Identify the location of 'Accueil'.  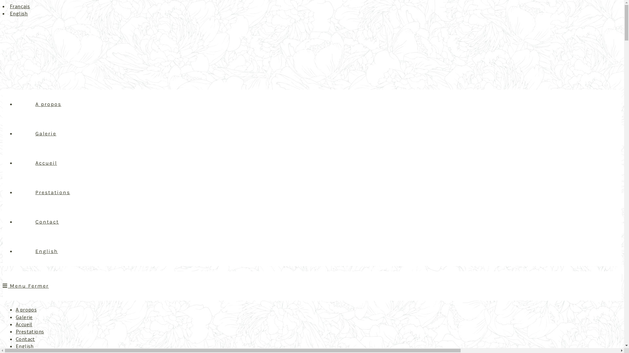
(46, 162).